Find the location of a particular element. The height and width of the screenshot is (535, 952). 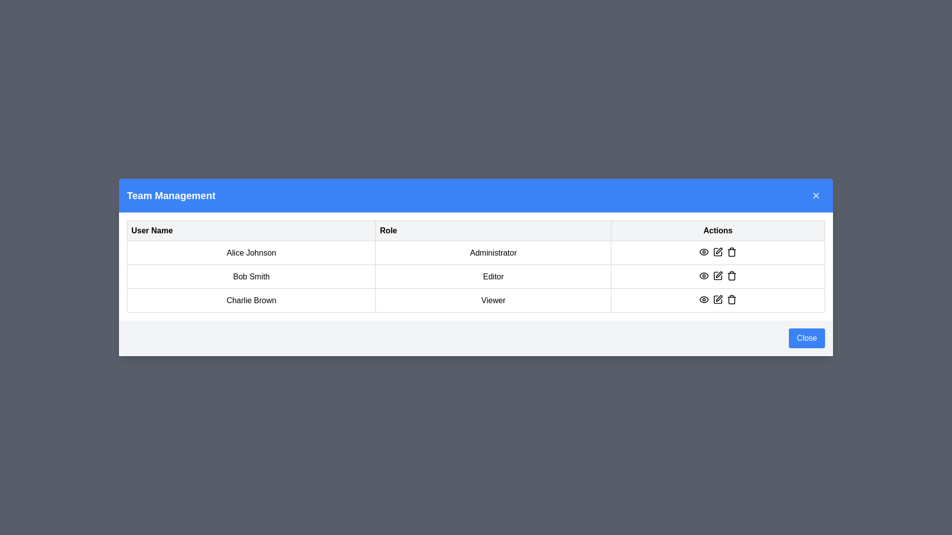

the delete action icon located in the last position of the actions column in the third row of the table corresponding to user 'Charlie Brown' to potentially view a tooltip indicating its function is located at coordinates (732, 299).